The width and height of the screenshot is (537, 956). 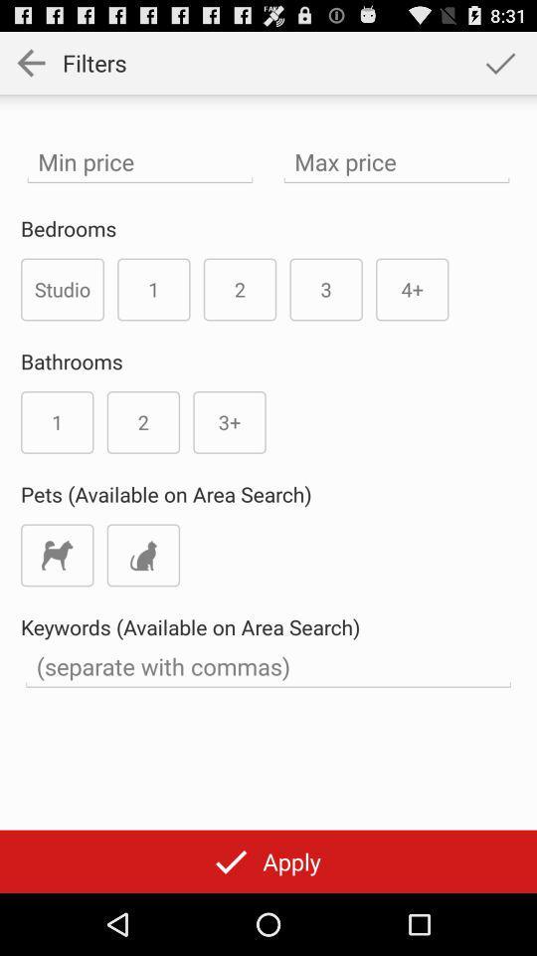 What do you see at coordinates (397, 160) in the screenshot?
I see `a price` at bounding box center [397, 160].